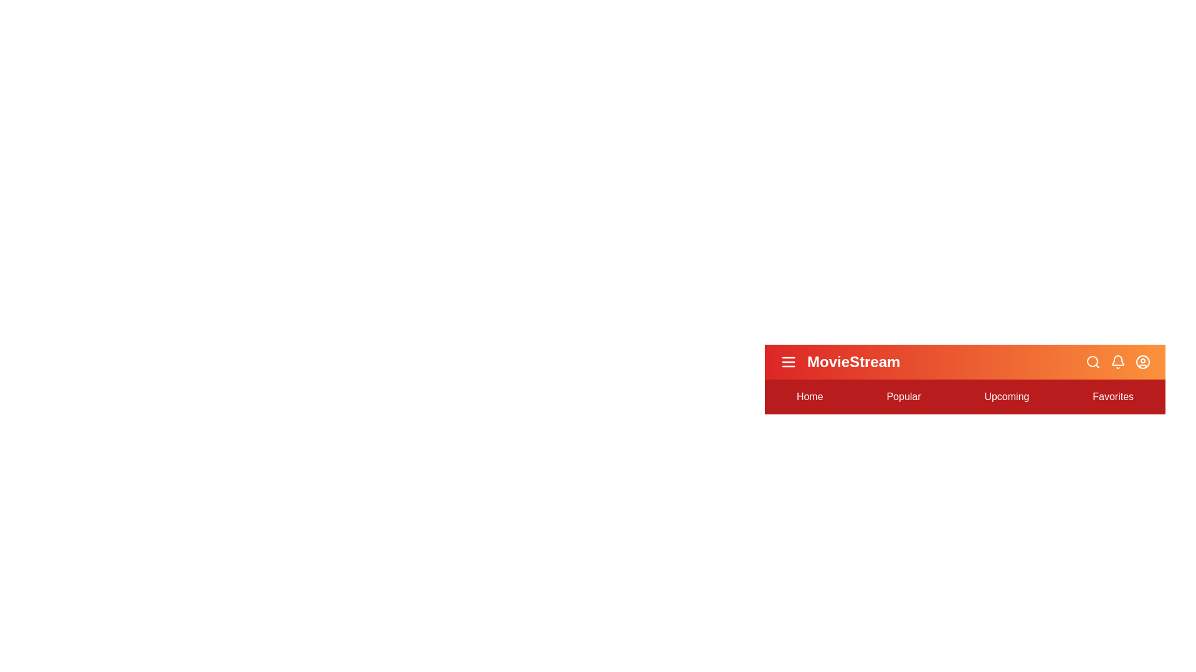 The width and height of the screenshot is (1196, 672). Describe the element at coordinates (810, 396) in the screenshot. I see `the navigation option Home to highlight it` at that location.